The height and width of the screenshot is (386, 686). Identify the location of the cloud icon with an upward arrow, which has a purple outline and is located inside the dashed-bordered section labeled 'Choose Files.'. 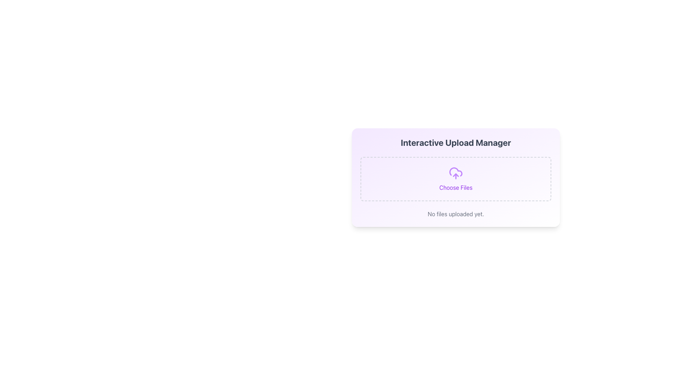
(456, 173).